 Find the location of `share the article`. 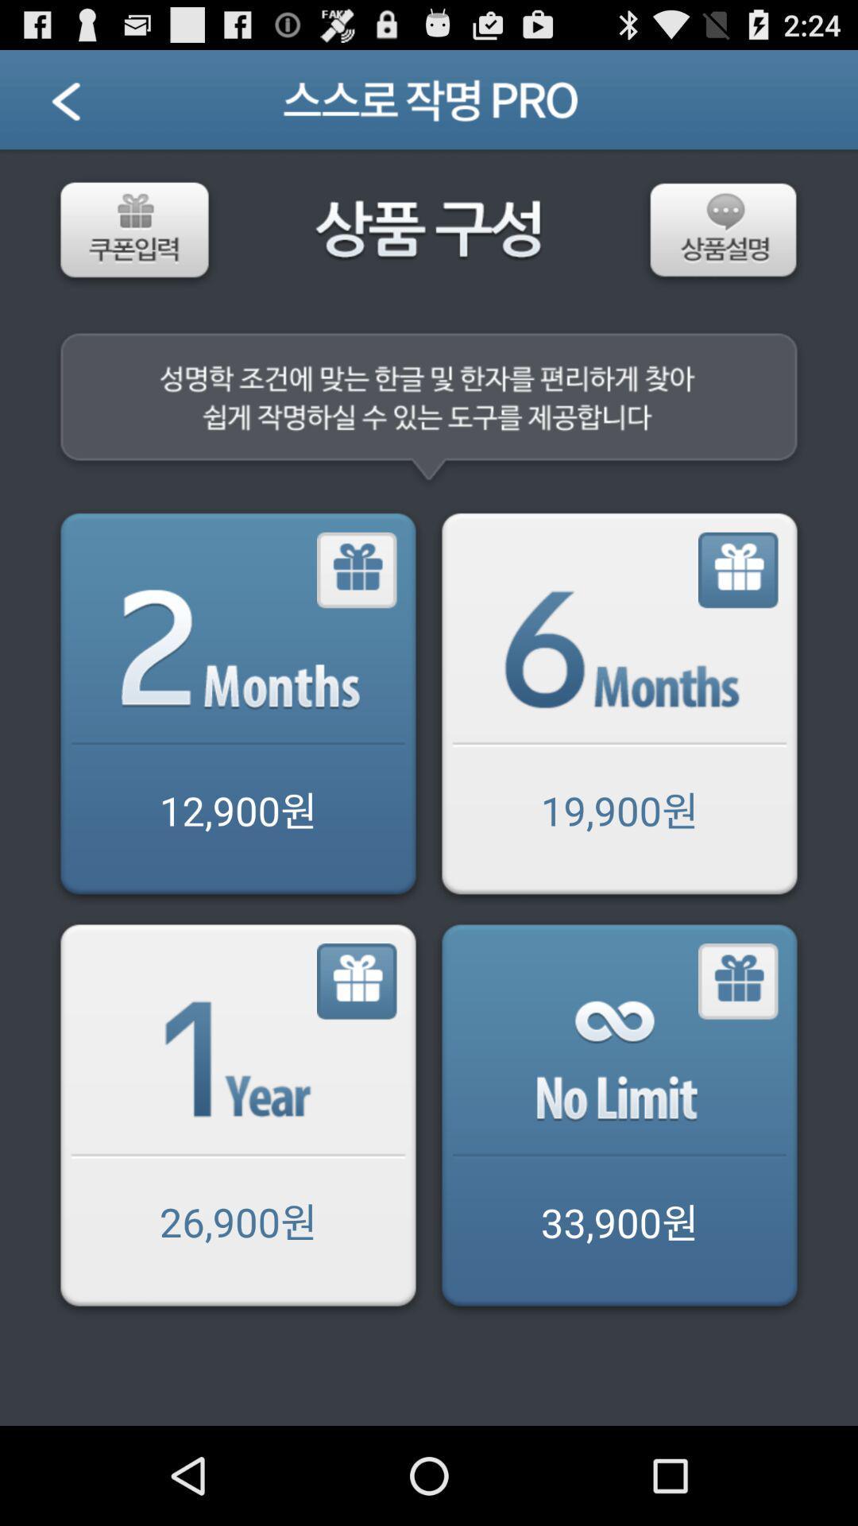

share the article is located at coordinates (618, 1117).